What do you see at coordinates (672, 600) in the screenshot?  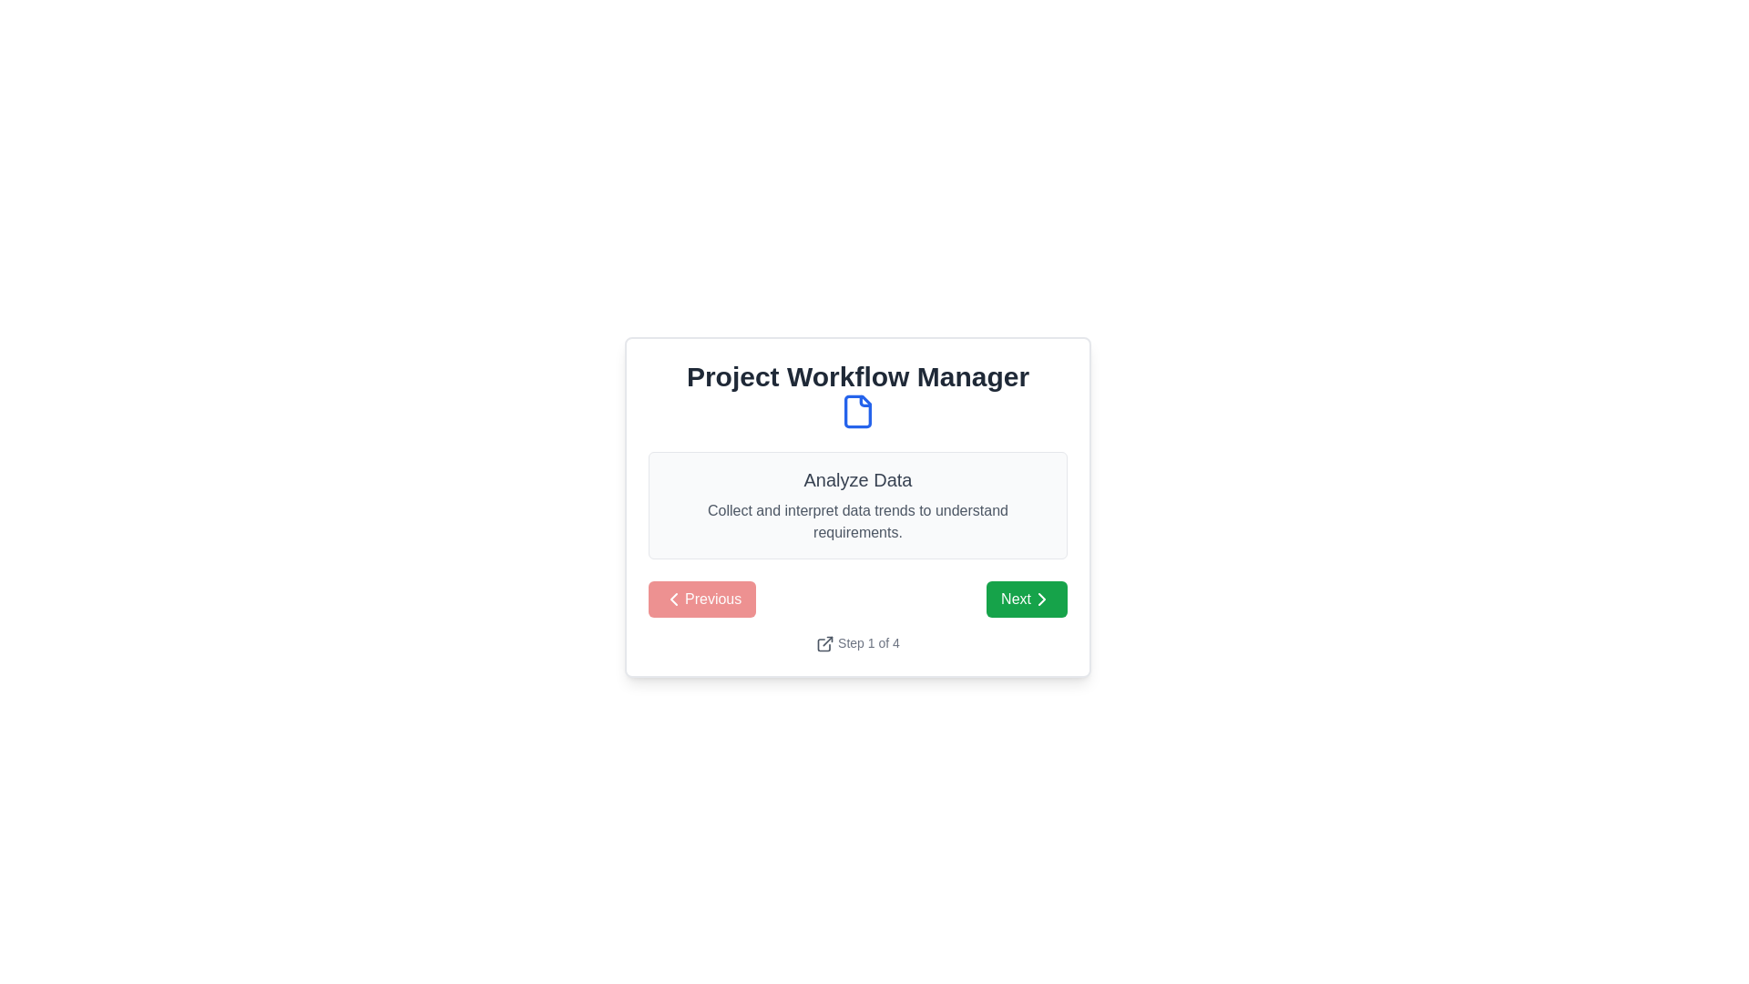 I see `the left-pointing chevron arrow icon, which is part of the Previous button located towards the bottom-left of the dialog box, adjacent to the text 'Previous'` at bounding box center [672, 600].